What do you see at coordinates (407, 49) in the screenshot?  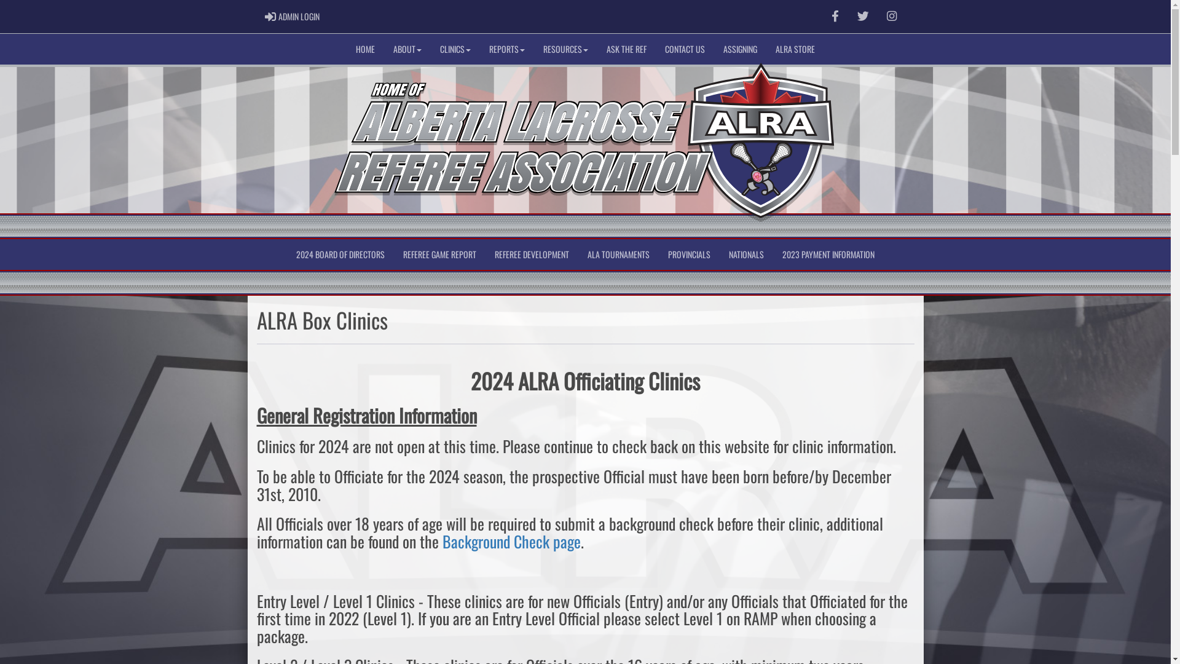 I see `'ABOUT'` at bounding box center [407, 49].